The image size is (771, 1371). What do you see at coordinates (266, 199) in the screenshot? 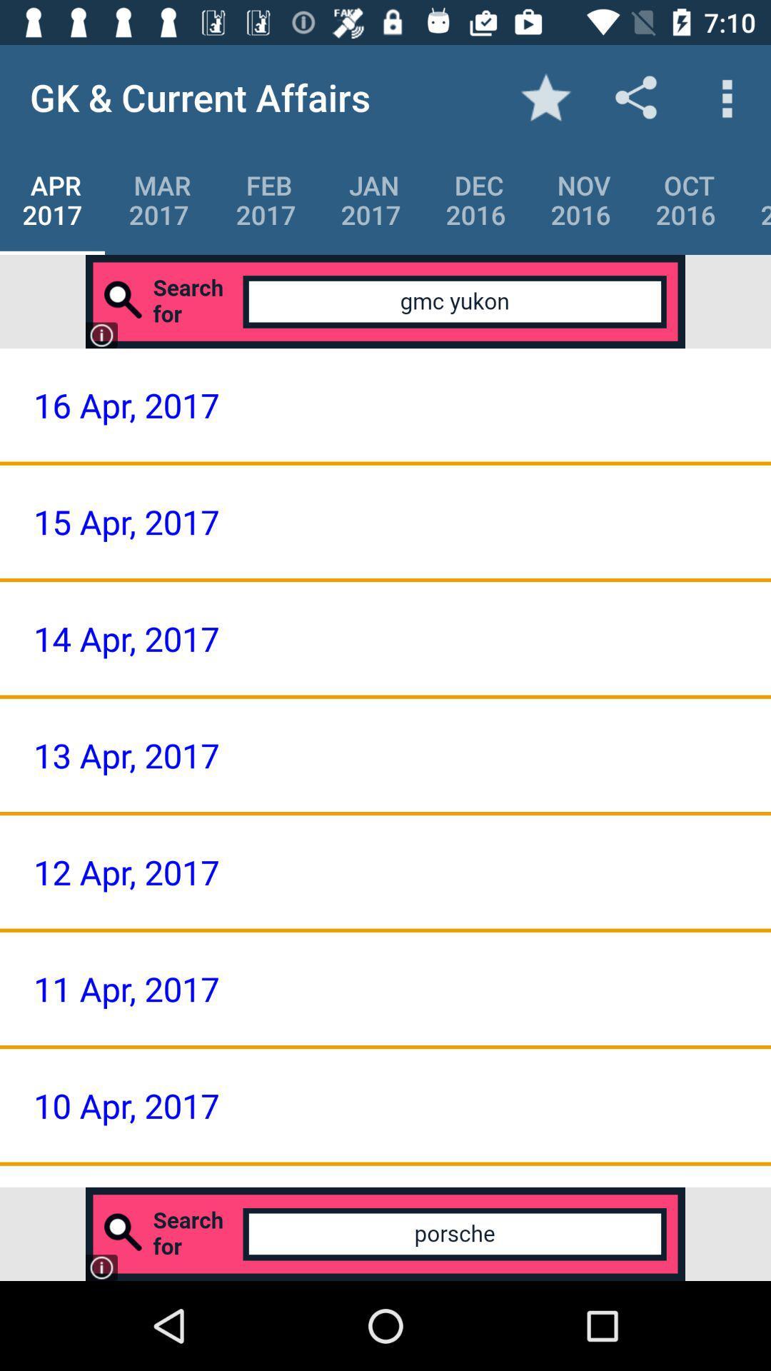
I see `item below the gk & current affairs` at bounding box center [266, 199].